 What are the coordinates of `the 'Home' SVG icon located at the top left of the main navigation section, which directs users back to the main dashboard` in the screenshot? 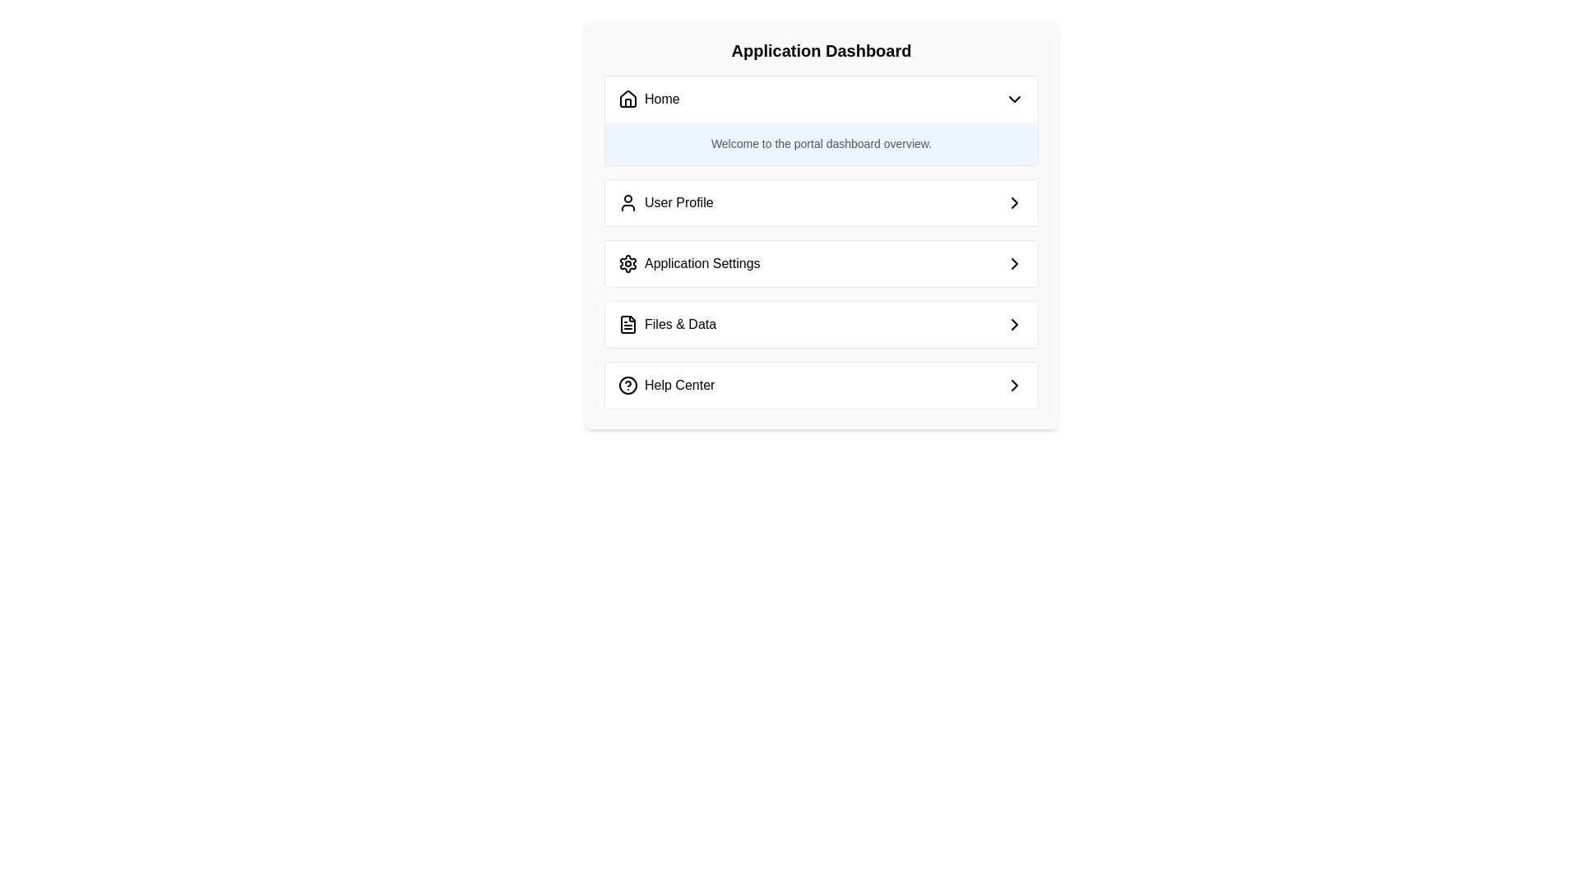 It's located at (627, 99).